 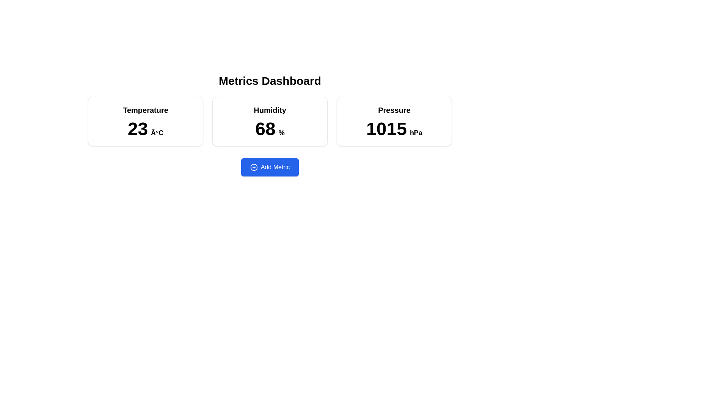 I want to click on the small text label displaying the unit '°C', which is positioned immediately to the right of the numeral '23' in the 'Temperature' panel of the dashboard, so click(x=157, y=133).